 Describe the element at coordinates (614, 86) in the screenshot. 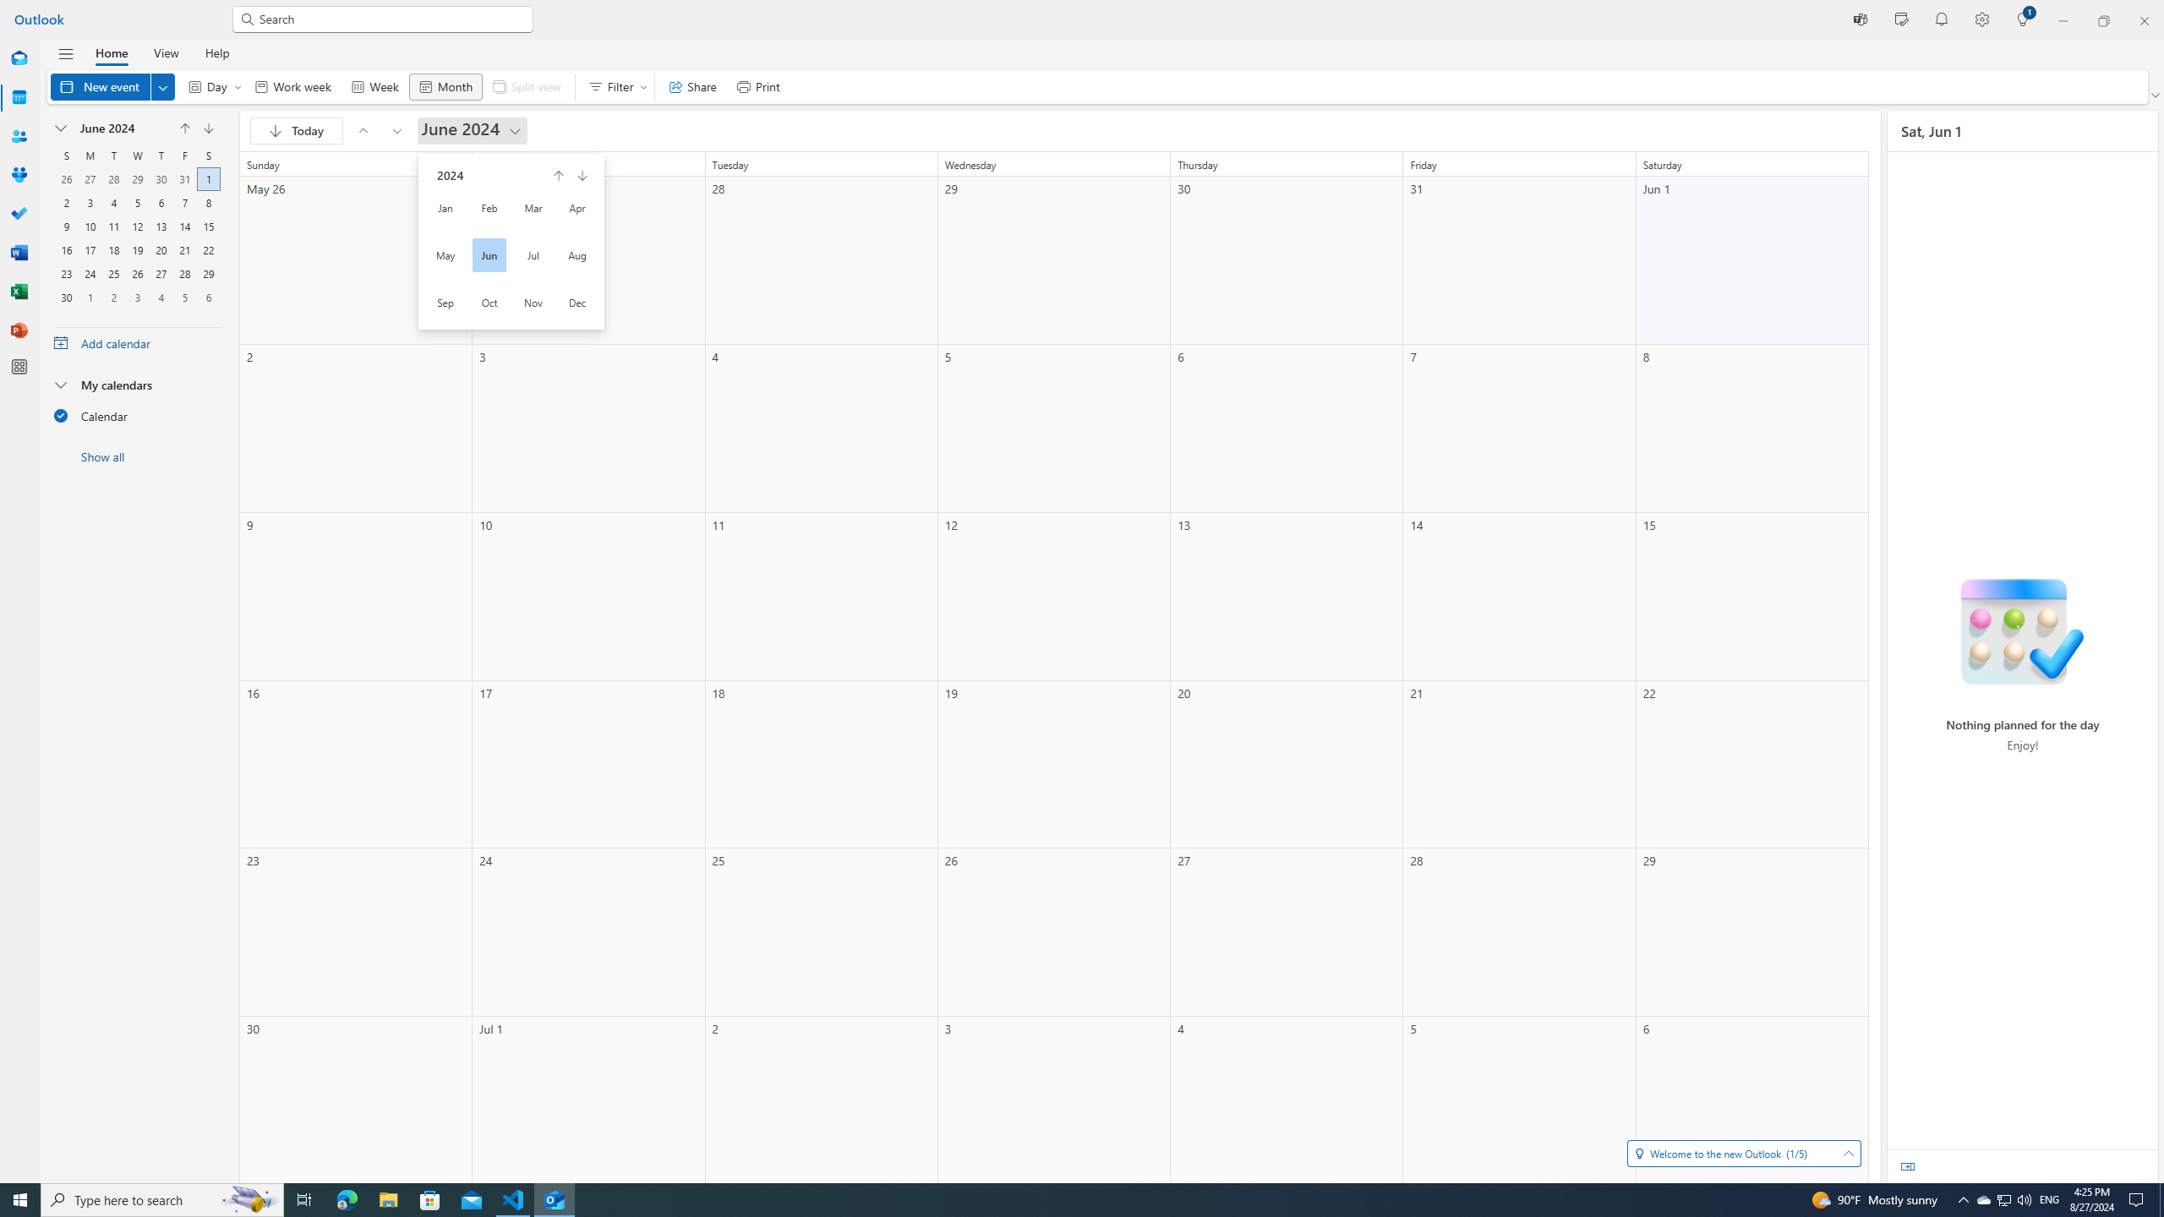

I see `'Filter'` at that location.